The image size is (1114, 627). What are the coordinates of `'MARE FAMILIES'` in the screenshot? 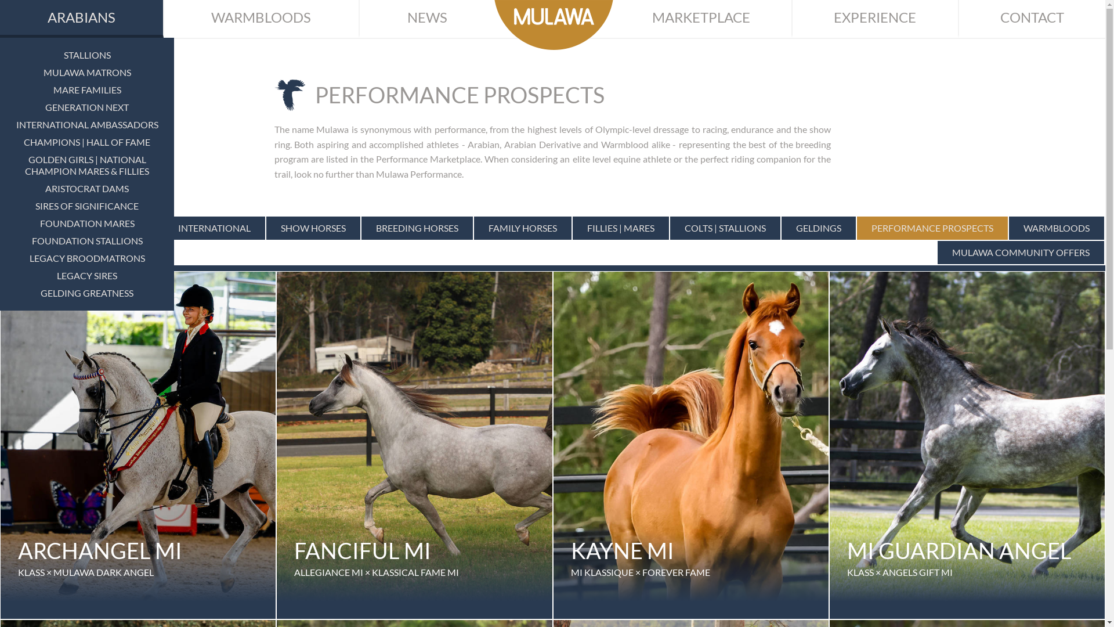 It's located at (86, 89).